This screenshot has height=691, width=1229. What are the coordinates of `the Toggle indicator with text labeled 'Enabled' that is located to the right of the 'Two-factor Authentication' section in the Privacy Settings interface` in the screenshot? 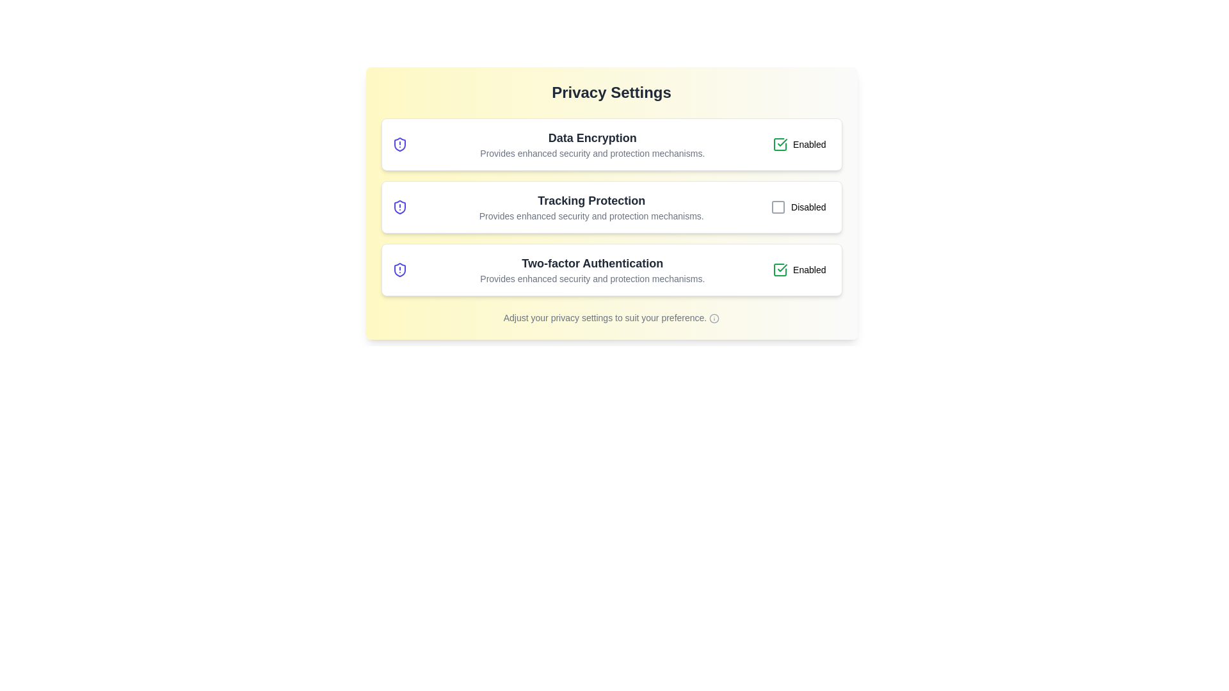 It's located at (798, 269).